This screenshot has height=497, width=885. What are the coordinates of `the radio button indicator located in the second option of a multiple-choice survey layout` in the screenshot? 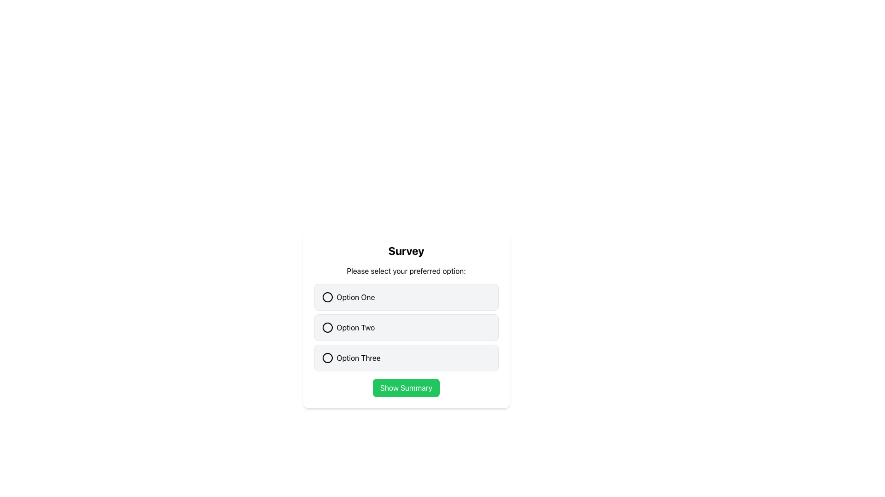 It's located at (327, 327).